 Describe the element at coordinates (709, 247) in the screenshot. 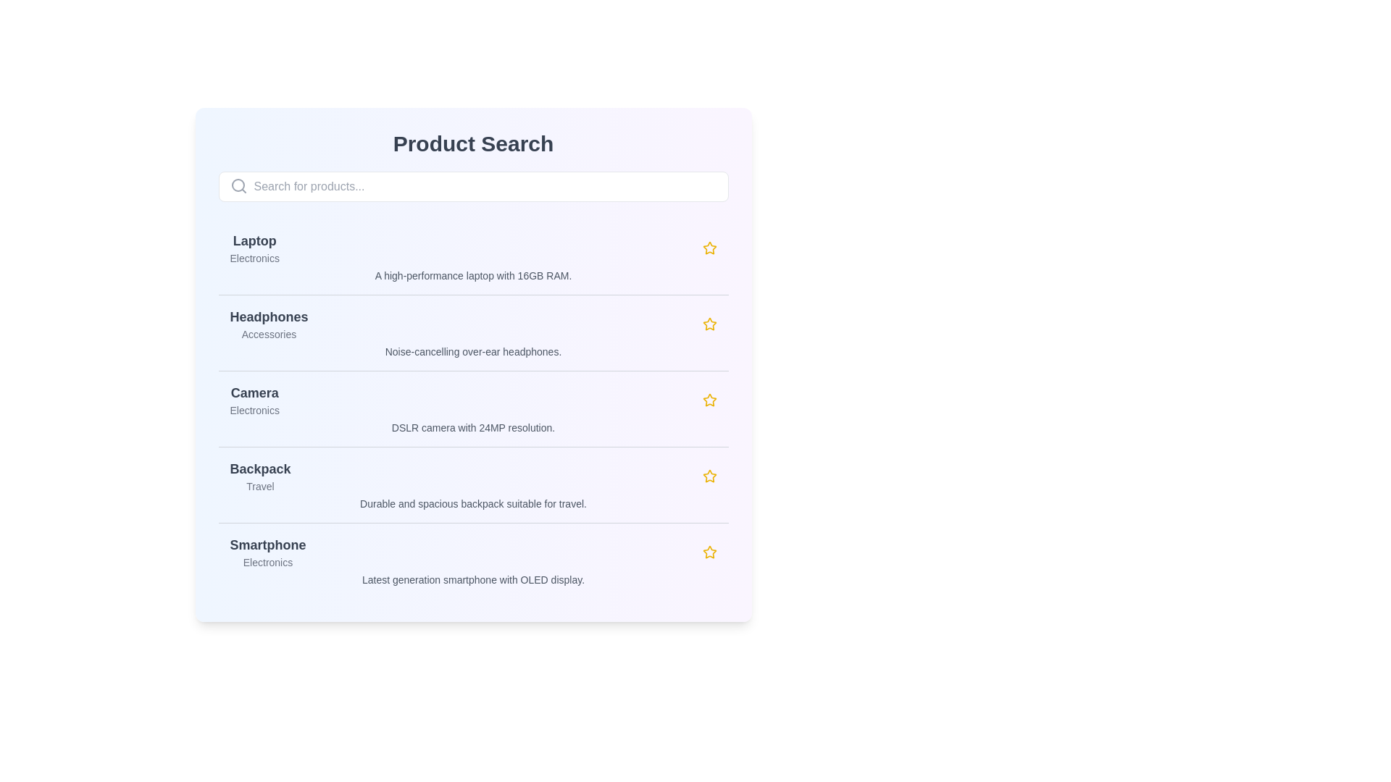

I see `the first star icon located to the right of the 'Laptop' item in the list` at that location.